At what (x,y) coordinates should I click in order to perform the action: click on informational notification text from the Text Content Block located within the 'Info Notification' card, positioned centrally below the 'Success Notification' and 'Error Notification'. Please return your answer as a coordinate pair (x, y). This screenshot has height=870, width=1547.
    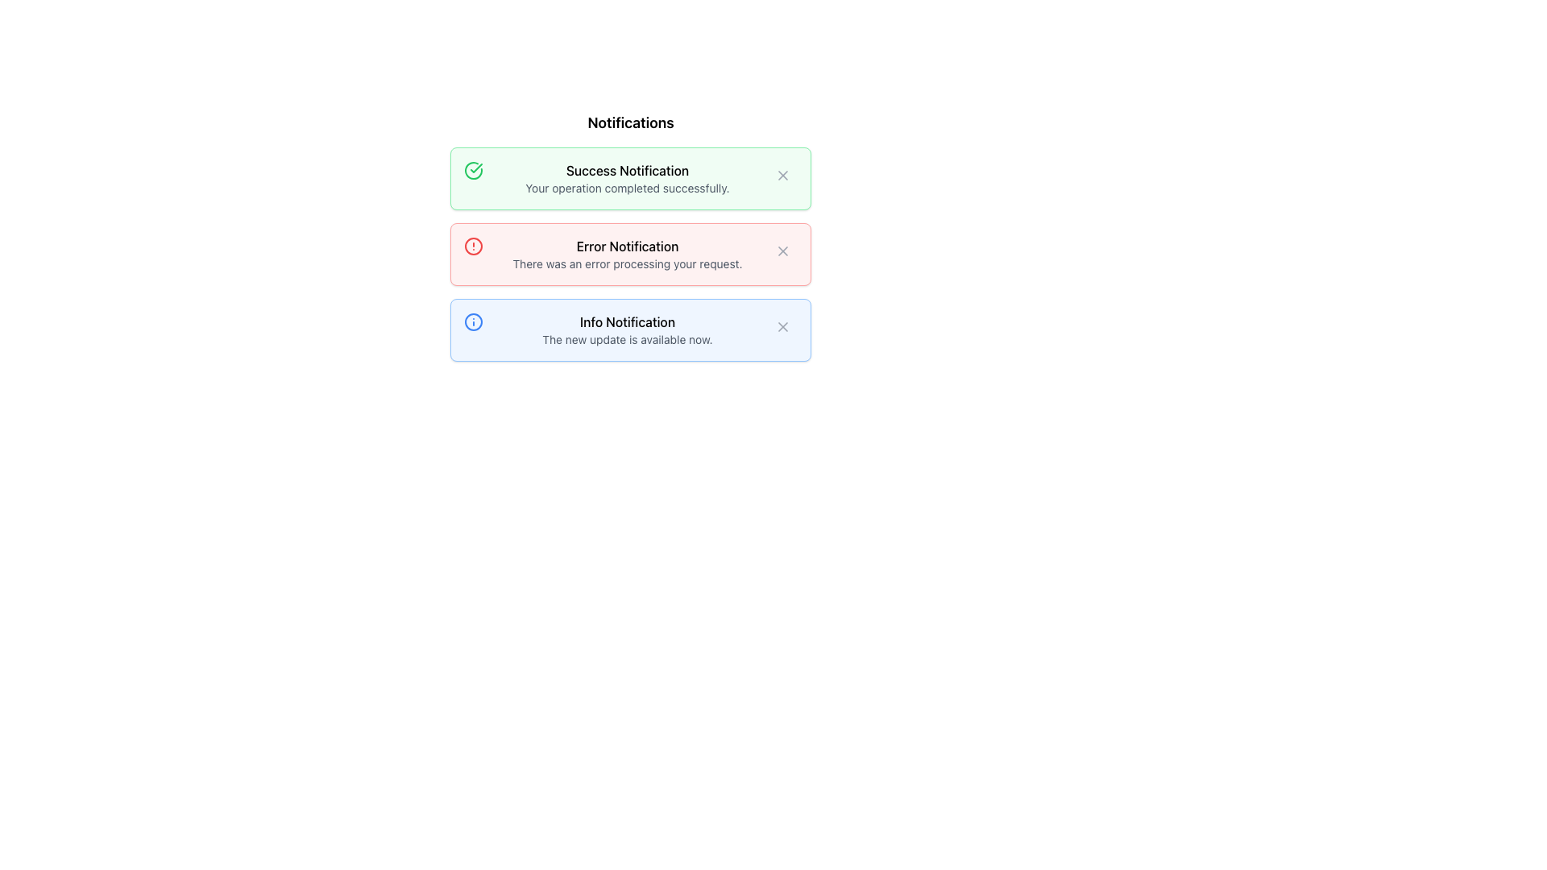
    Looking at the image, I should click on (626, 329).